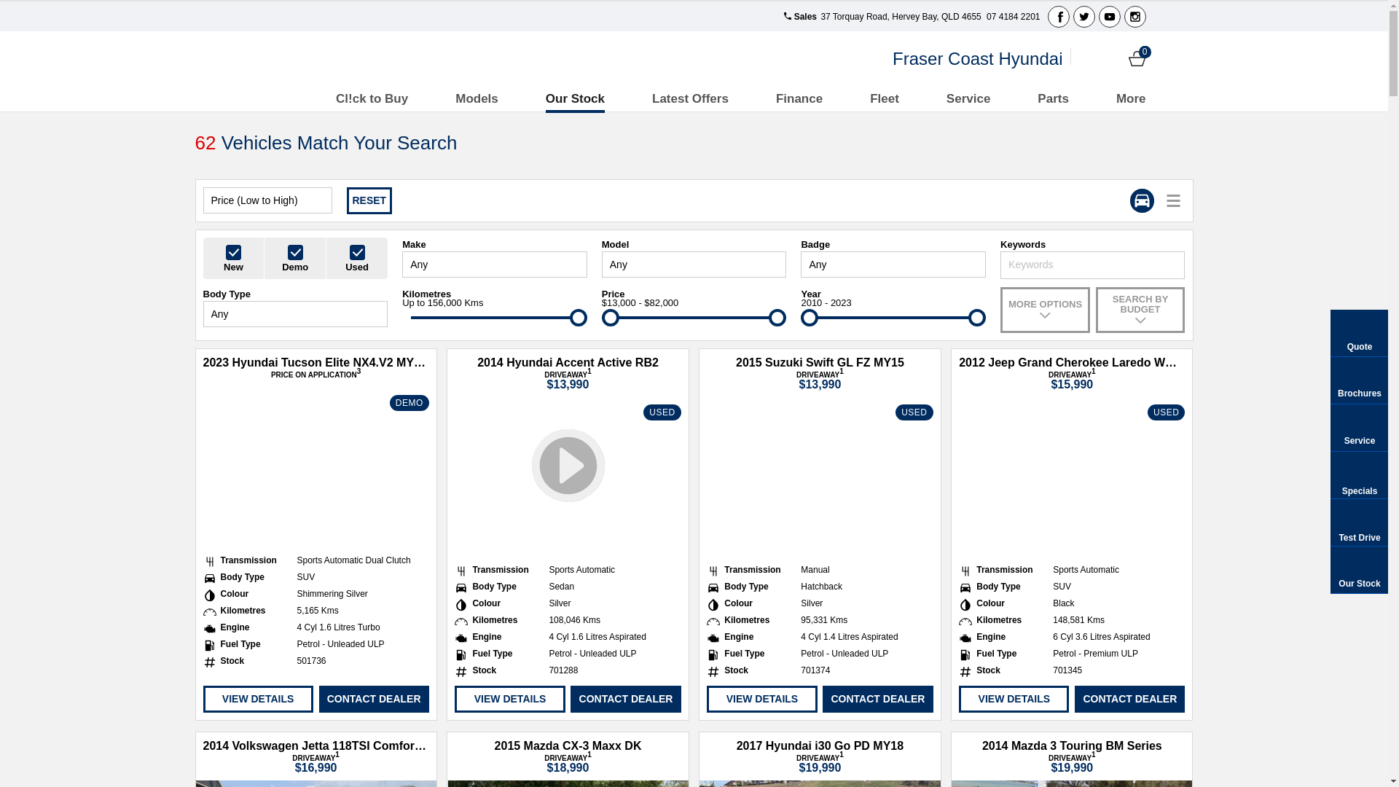  I want to click on 'Twitter', so click(1083, 17).